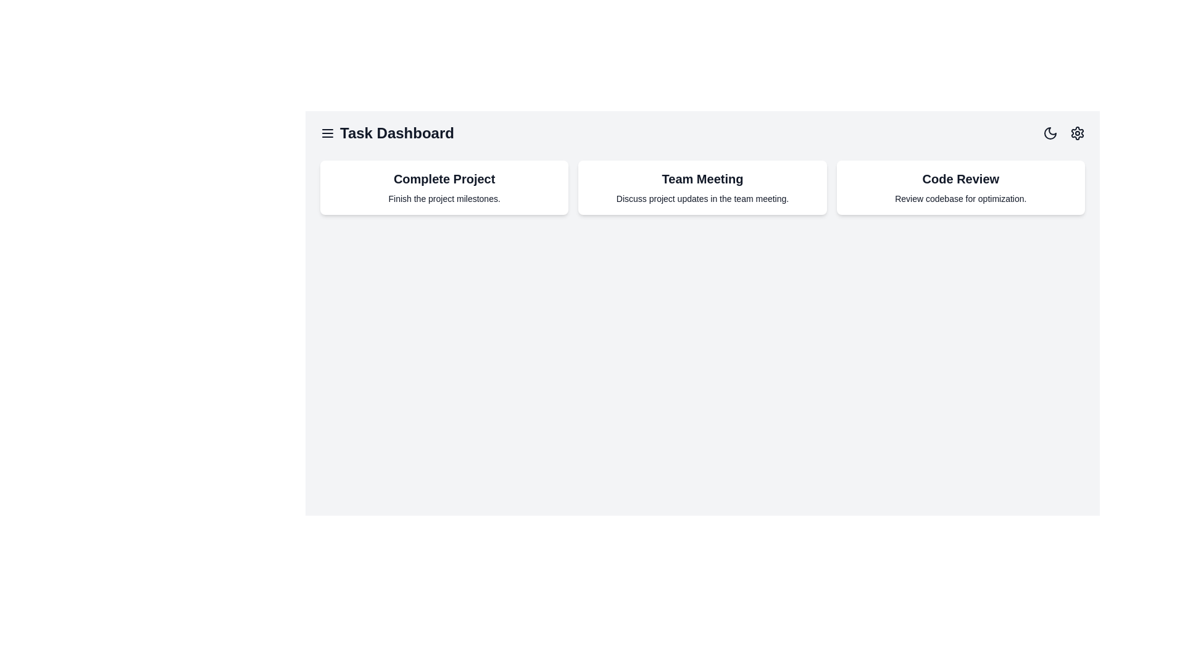  What do you see at coordinates (960, 198) in the screenshot?
I see `the text label providing information about code review located in the middle-right panel below the heading 'Code Review'` at bounding box center [960, 198].